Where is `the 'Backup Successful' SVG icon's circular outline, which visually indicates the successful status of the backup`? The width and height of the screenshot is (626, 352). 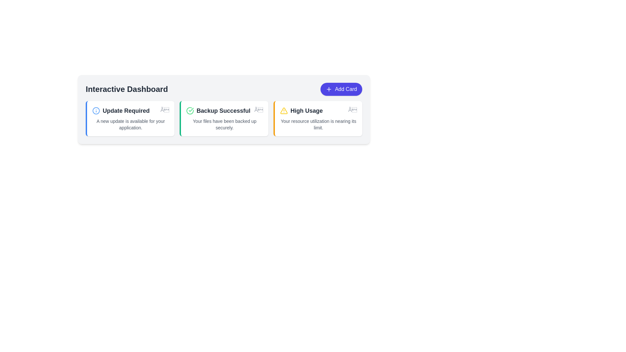 the 'Backup Successful' SVG icon's circular outline, which visually indicates the successful status of the backup is located at coordinates (189, 110).